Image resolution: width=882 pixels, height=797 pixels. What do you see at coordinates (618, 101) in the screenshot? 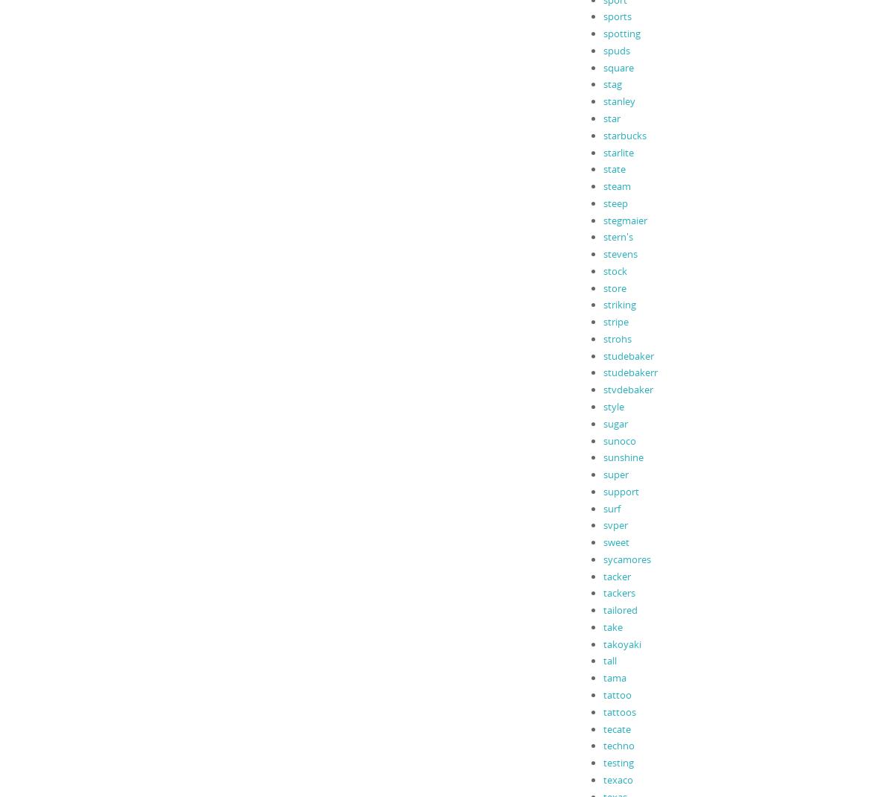
I see `'stanley'` at bounding box center [618, 101].